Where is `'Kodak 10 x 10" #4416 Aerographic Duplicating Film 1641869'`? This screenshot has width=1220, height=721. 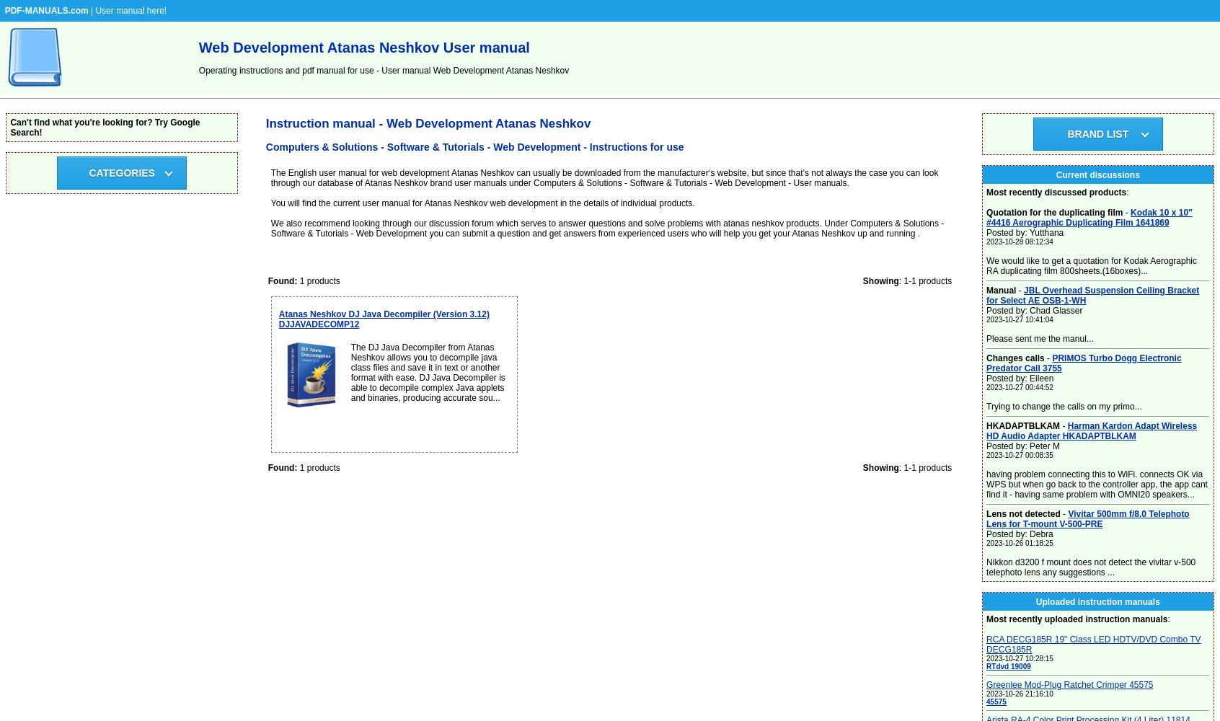 'Kodak 10 x 10" #4416 Aerographic Duplicating Film 1641869' is located at coordinates (1089, 218).